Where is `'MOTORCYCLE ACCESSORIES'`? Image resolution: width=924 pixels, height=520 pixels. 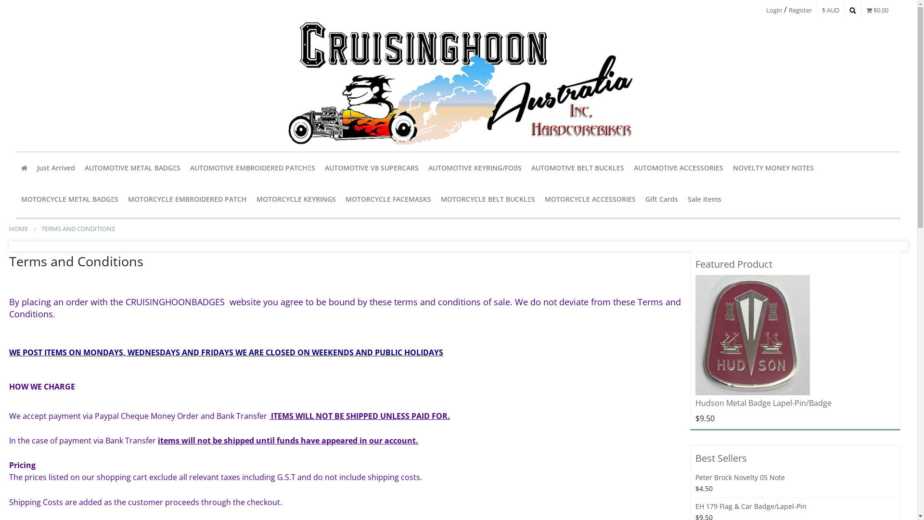 'MOTORCYCLE ACCESSORIES' is located at coordinates (590, 198).